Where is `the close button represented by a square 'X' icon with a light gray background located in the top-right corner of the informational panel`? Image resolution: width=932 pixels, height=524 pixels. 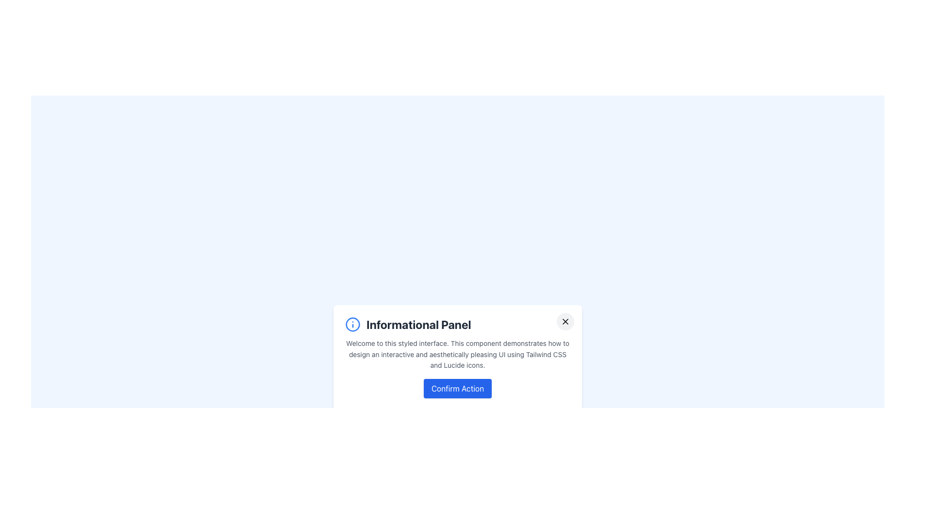 the close button represented by a square 'X' icon with a light gray background located in the top-right corner of the informational panel is located at coordinates (566, 321).